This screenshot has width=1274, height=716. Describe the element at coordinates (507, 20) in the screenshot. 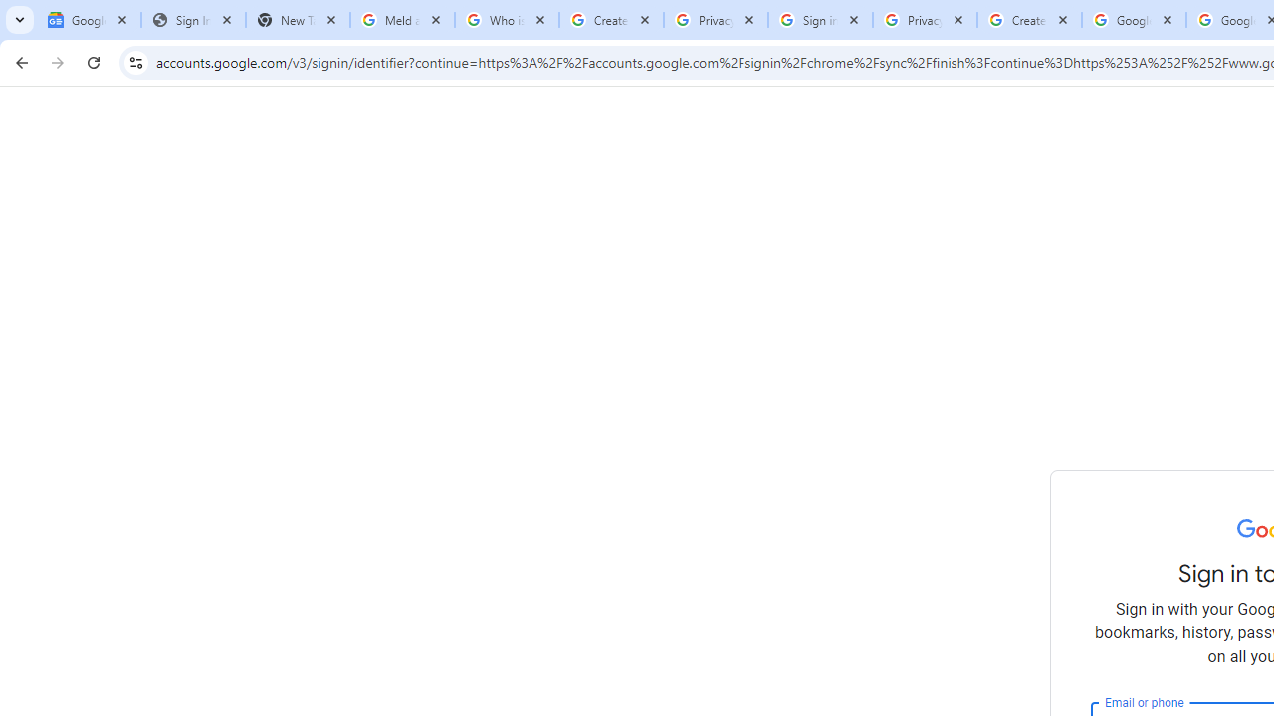

I see `'Who is my administrator? - Google Account Help'` at that location.